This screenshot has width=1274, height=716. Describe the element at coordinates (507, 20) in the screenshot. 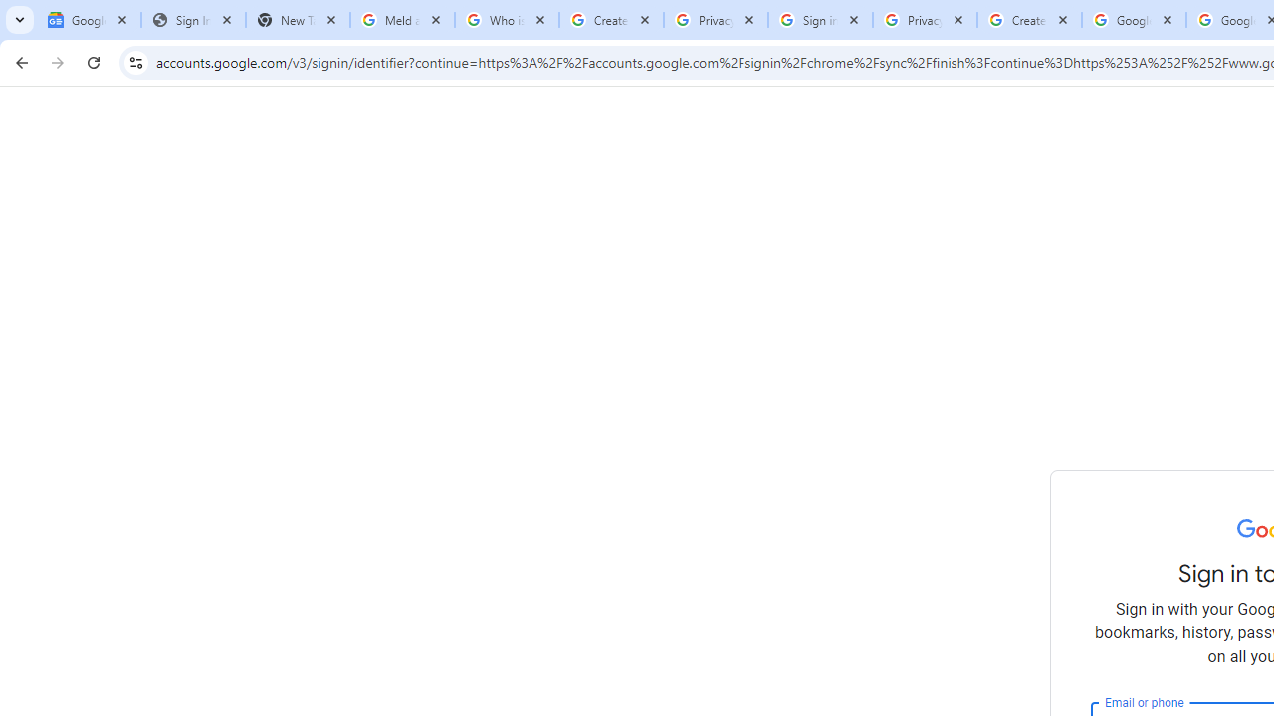

I see `'Who is my administrator? - Google Account Help'` at that location.